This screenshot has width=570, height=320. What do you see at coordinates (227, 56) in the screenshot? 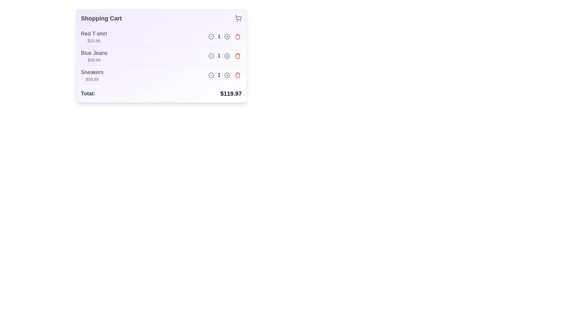
I see `the circular outline in the quantity adjustment control for the second item in the shopping cart, which is positioned to the right of the item's quantity and to the left of the trash bin icon for 'Blue Jeans'` at bounding box center [227, 56].